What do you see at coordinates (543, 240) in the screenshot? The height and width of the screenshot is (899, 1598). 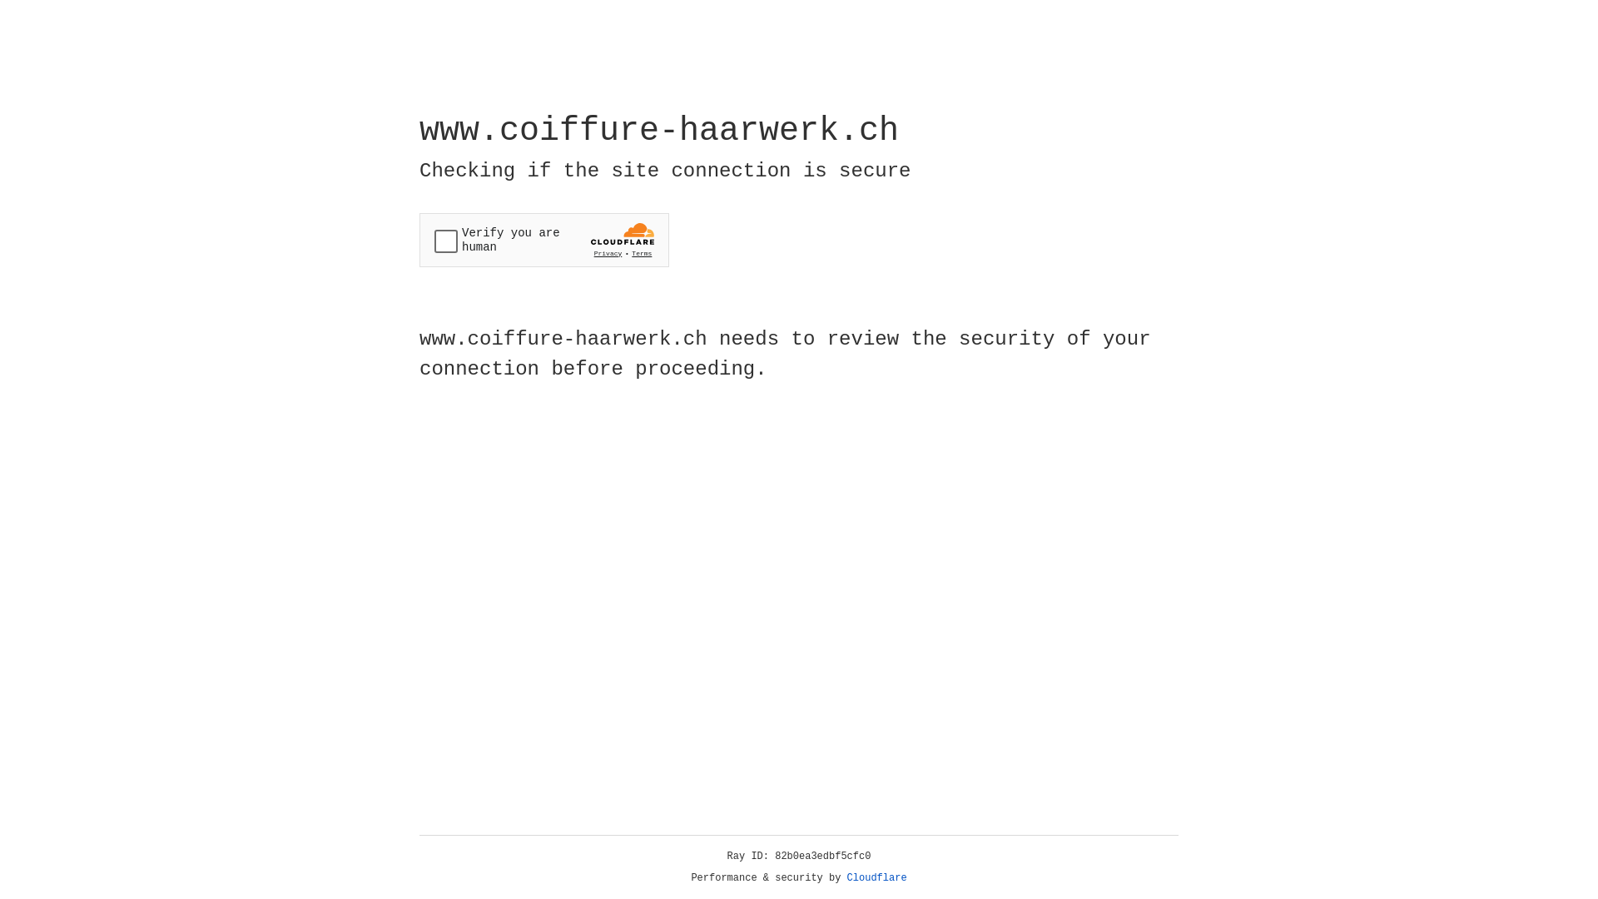 I see `'Widget containing a Cloudflare security challenge'` at bounding box center [543, 240].